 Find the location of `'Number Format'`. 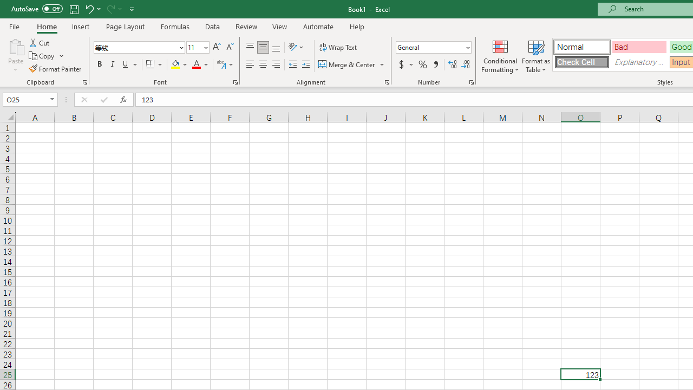

'Number Format' is located at coordinates (429, 47).